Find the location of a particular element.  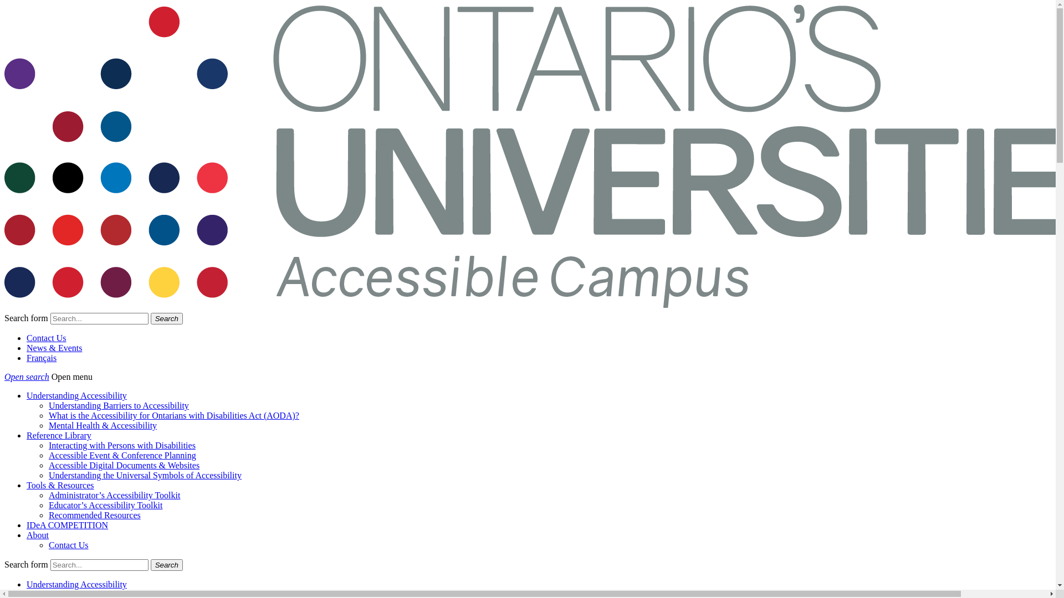

'About' is located at coordinates (27, 534).